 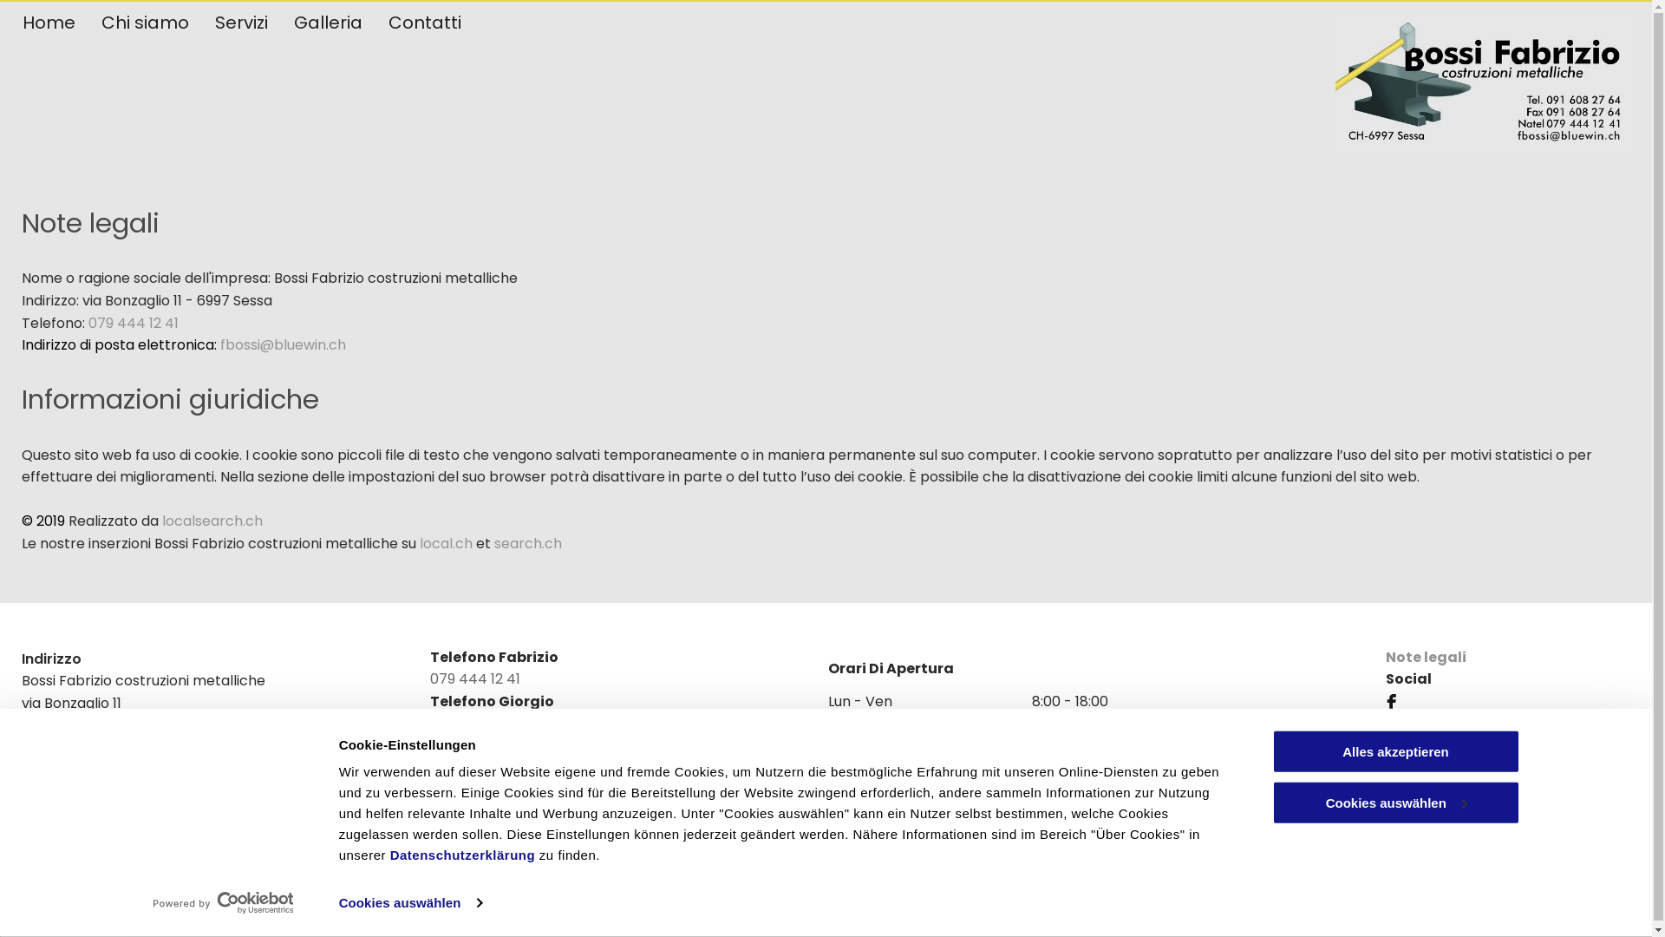 I want to click on 'localsearch.ch', so click(x=162, y=520).